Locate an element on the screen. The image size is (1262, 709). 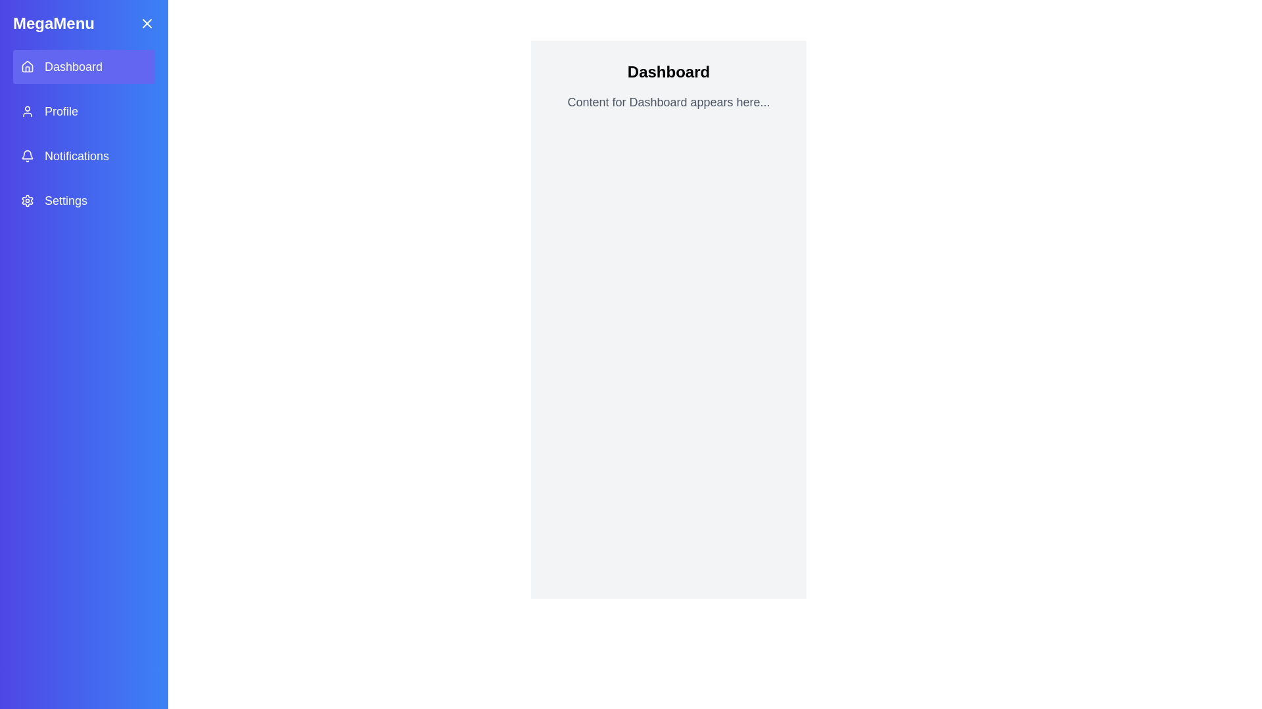
the 'Notifications' menu item, which is the third item in the vertical navigation menu, featuring a bell icon and modern design is located at coordinates (83, 156).